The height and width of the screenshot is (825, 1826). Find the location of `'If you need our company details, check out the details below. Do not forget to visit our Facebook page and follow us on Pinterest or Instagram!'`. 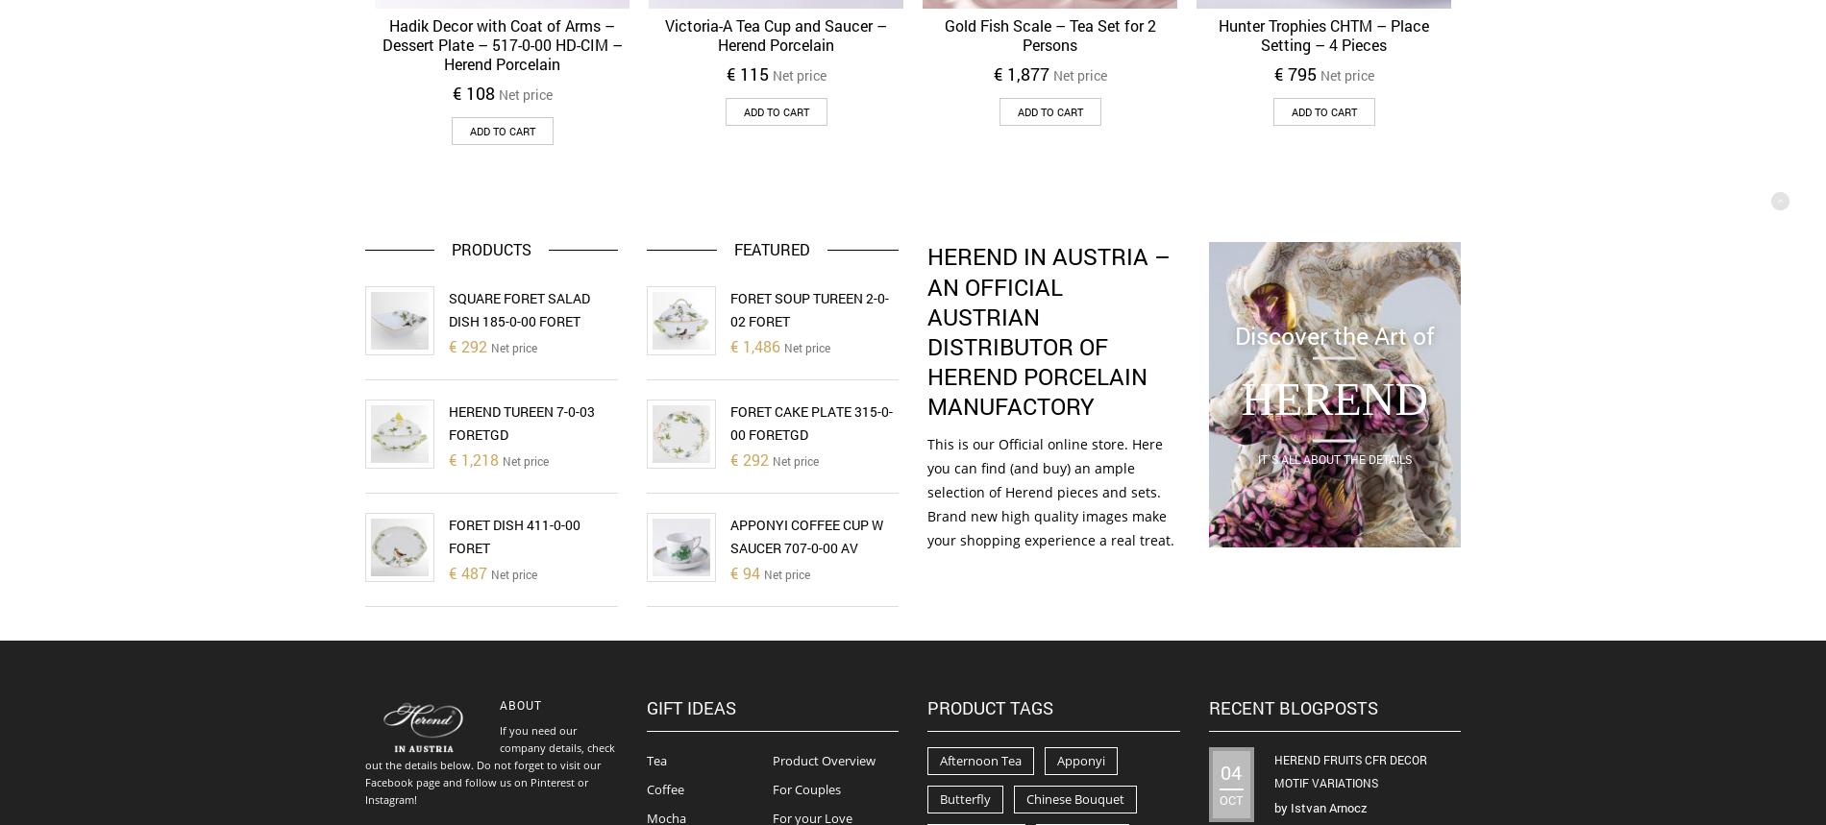

'If you need our company details, check out the details below. Do not forget to visit our Facebook page and follow us on Pinterest or Instagram!' is located at coordinates (489, 764).